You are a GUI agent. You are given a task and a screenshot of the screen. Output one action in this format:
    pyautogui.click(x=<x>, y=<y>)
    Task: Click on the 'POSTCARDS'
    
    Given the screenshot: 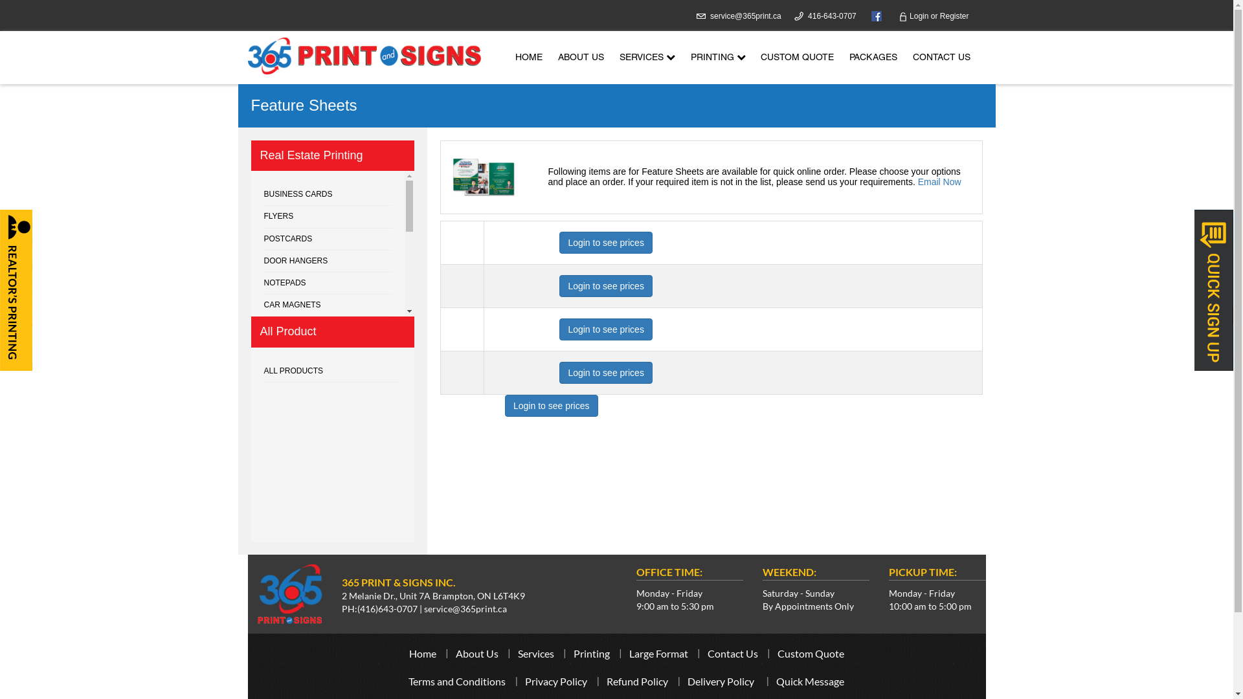 What is the action you would take?
    pyautogui.click(x=328, y=239)
    